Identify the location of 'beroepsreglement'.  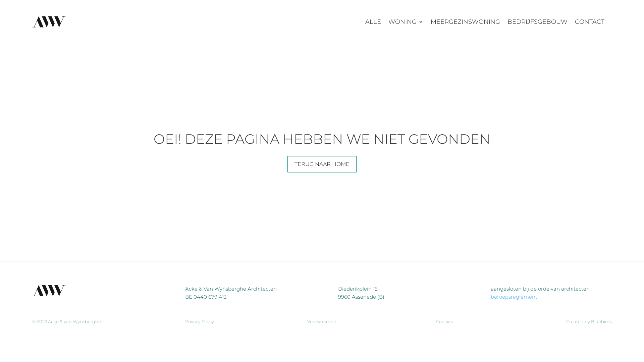
(514, 296).